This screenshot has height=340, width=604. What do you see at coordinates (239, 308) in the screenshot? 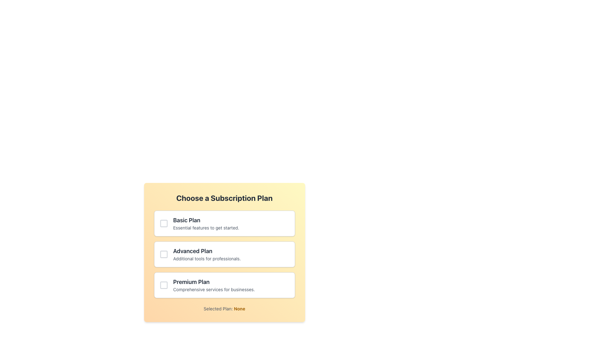
I see `text content of the element displaying the currently selected subscription plan, which shows 'None' when no plan is selected` at bounding box center [239, 308].